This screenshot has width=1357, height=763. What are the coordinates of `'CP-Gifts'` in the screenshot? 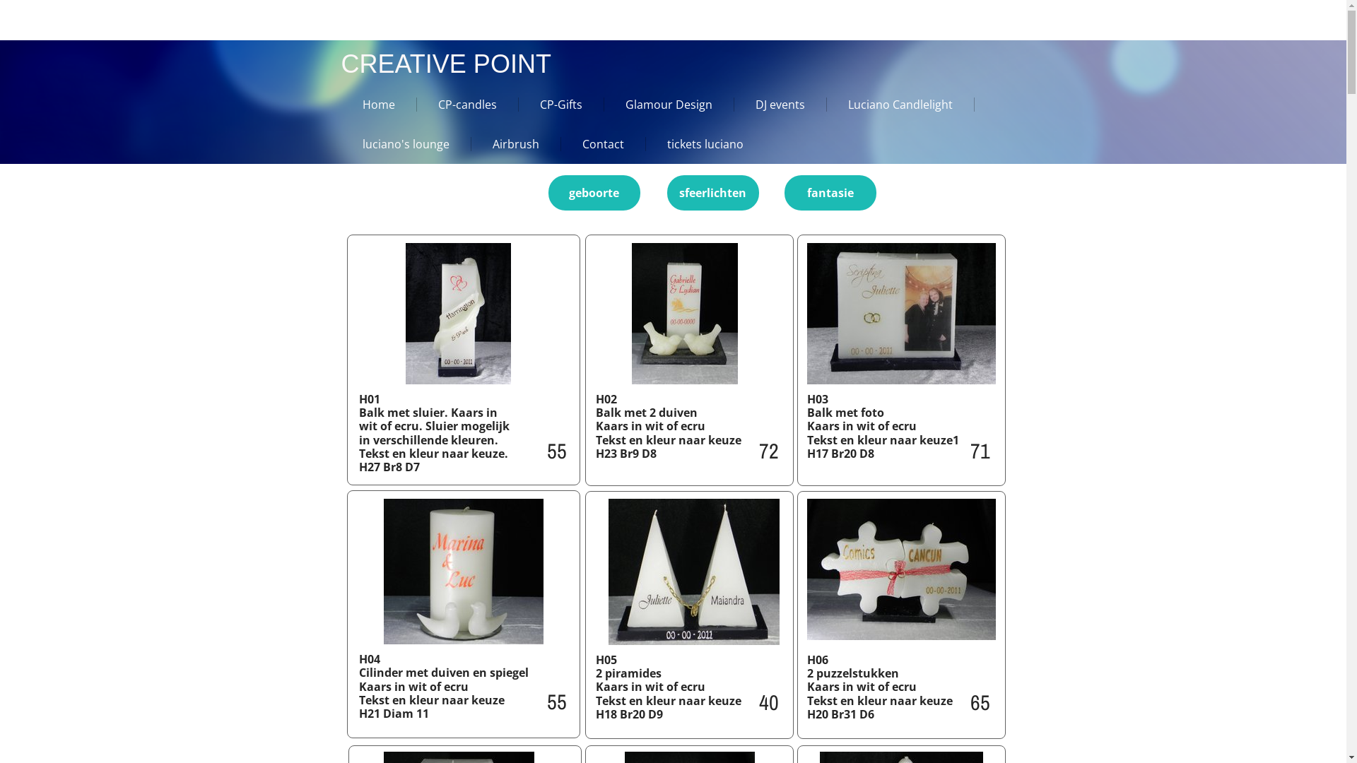 It's located at (551, 103).